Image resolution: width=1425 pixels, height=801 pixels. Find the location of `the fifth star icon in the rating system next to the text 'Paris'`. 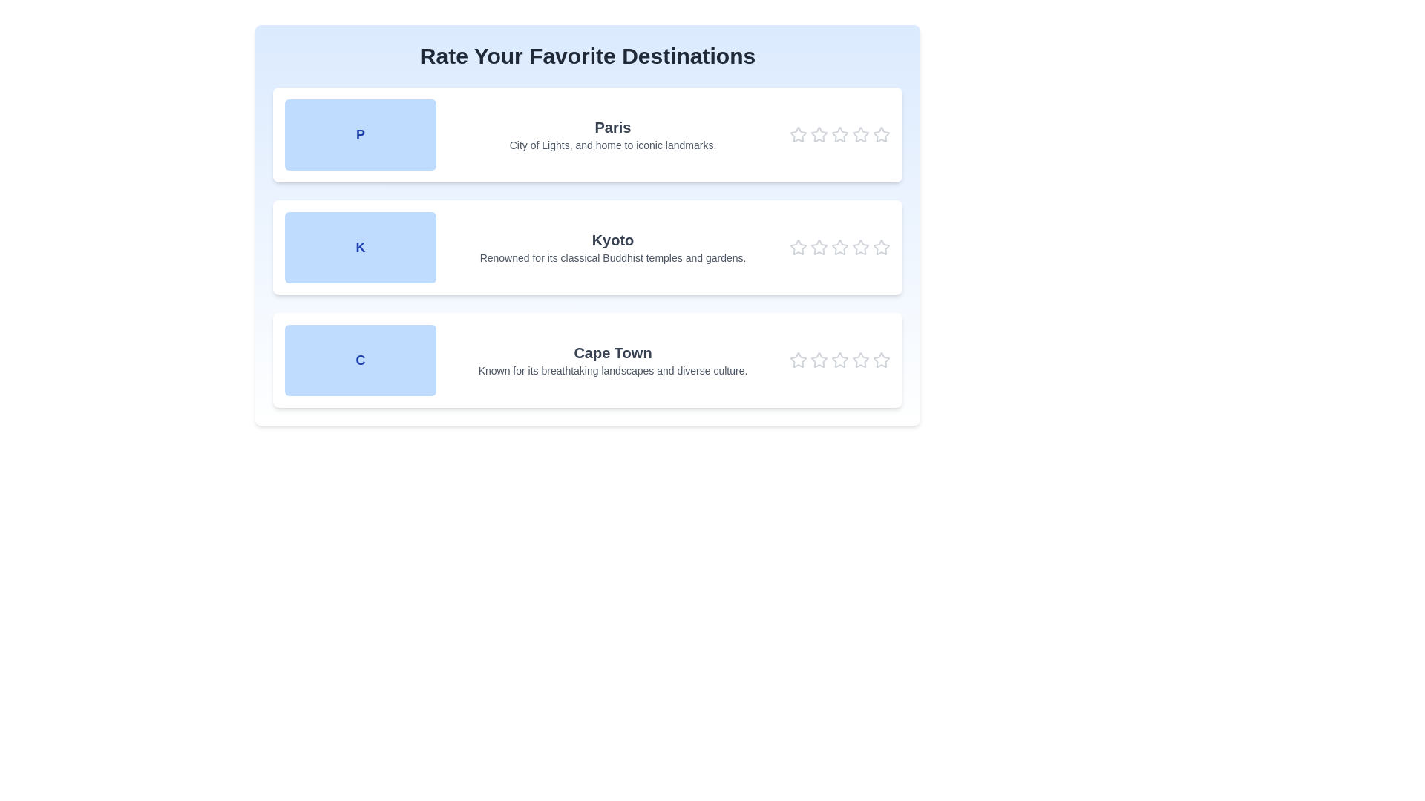

the fifth star icon in the rating system next to the text 'Paris' is located at coordinates (882, 134).